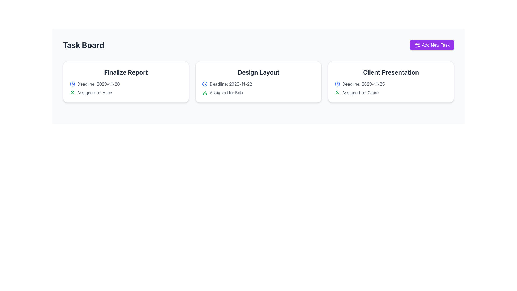  I want to click on the 'Add New Task' button which contains the text label styled with white text on a vibrant purple background, located in the upper-right corner of the interface, so click(436, 44).